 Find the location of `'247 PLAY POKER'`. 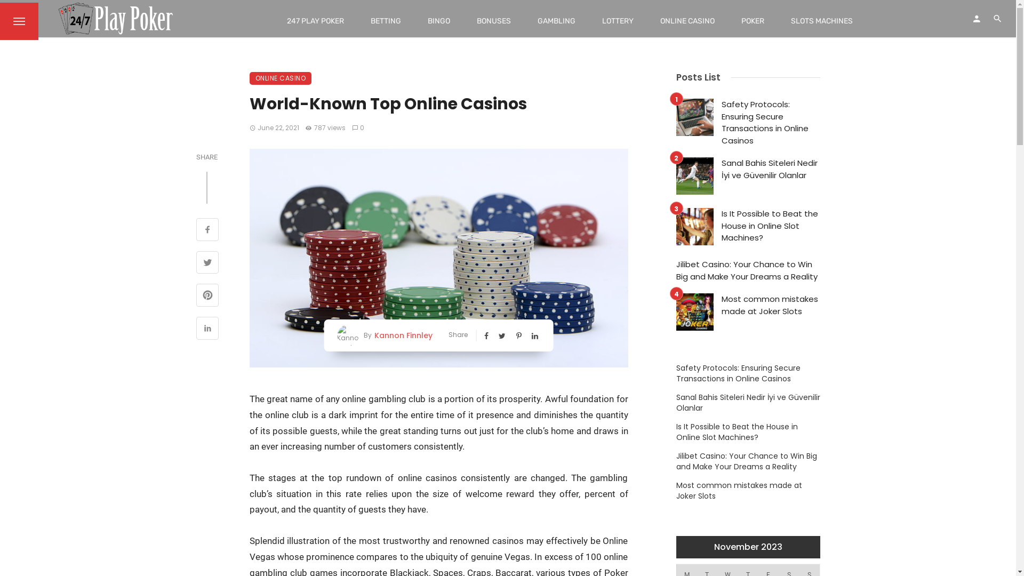

'247 PLAY POKER' is located at coordinates (315, 21).